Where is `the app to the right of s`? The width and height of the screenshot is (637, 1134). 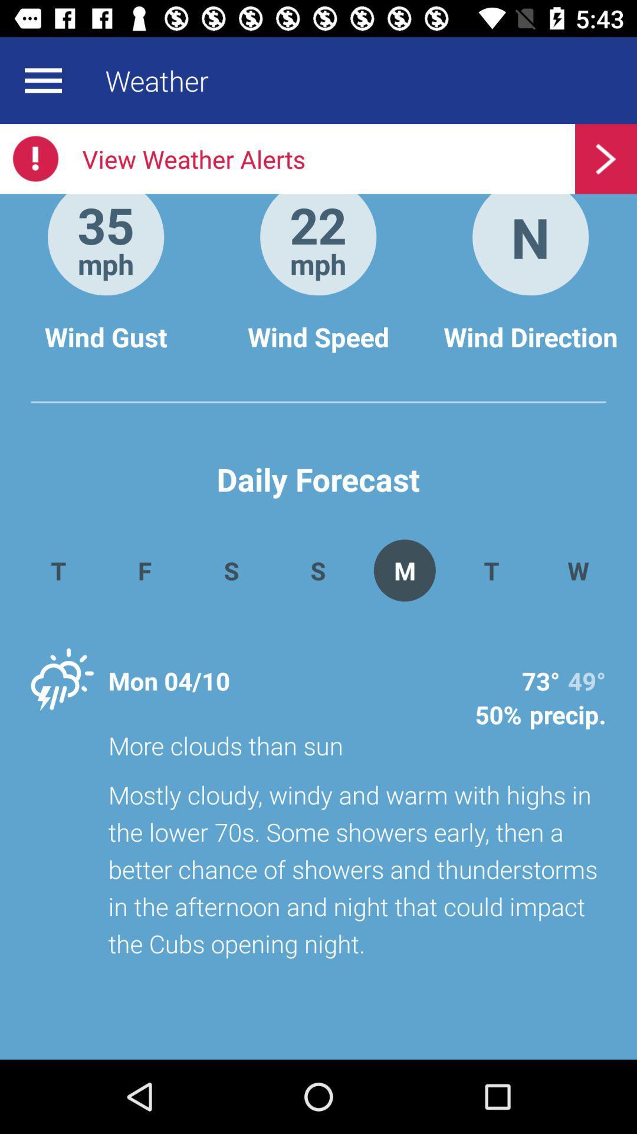
the app to the right of s is located at coordinates (404, 570).